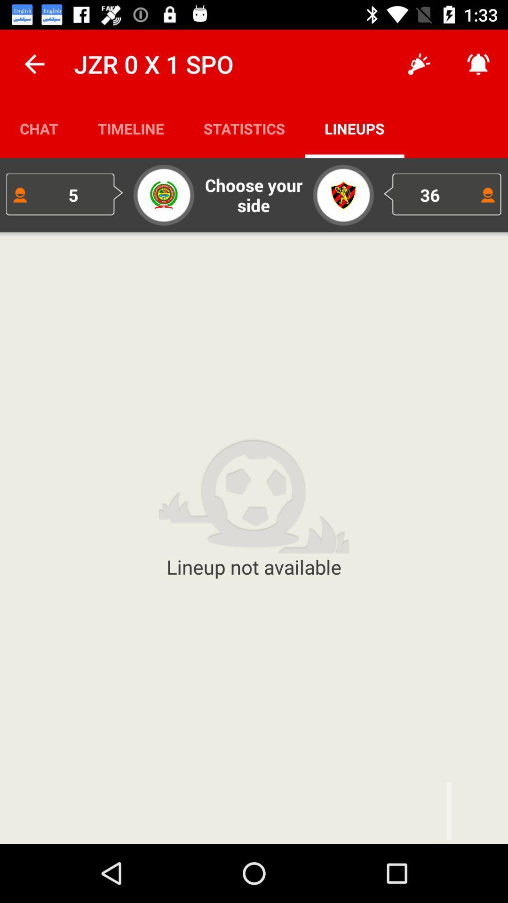 This screenshot has height=903, width=508. I want to click on the timeline item, so click(131, 128).